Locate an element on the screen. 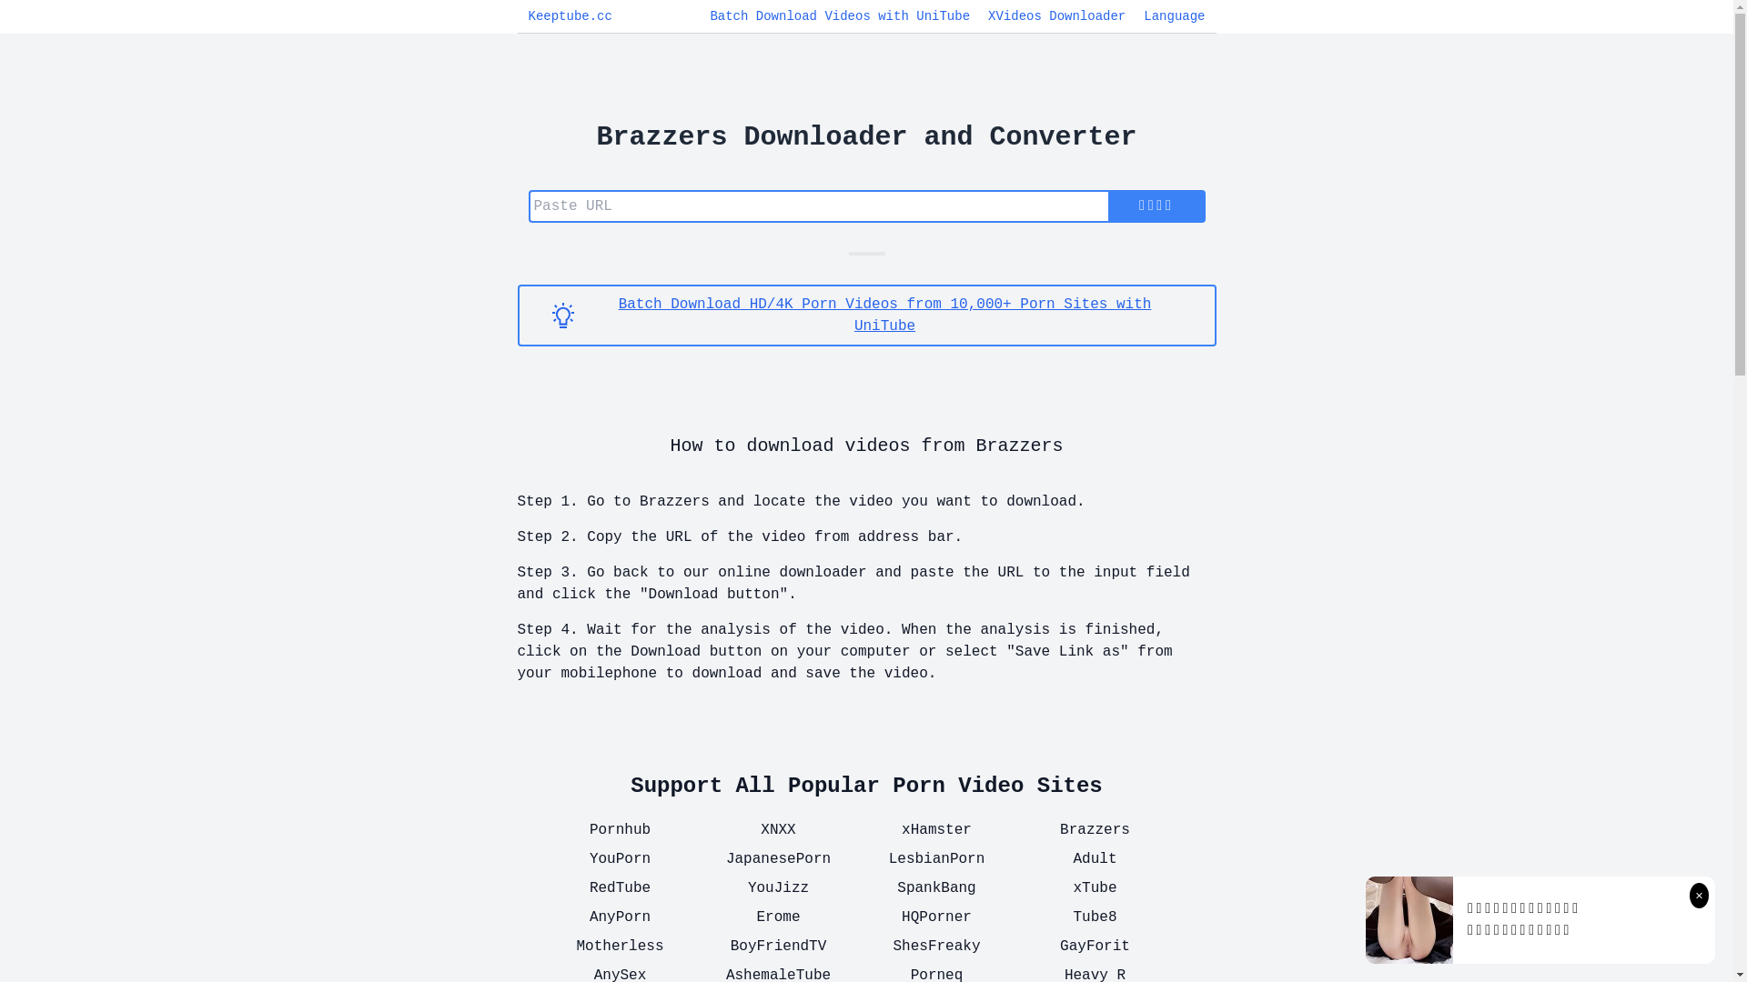 The image size is (1747, 982). 'xTube' is located at coordinates (1094, 887).